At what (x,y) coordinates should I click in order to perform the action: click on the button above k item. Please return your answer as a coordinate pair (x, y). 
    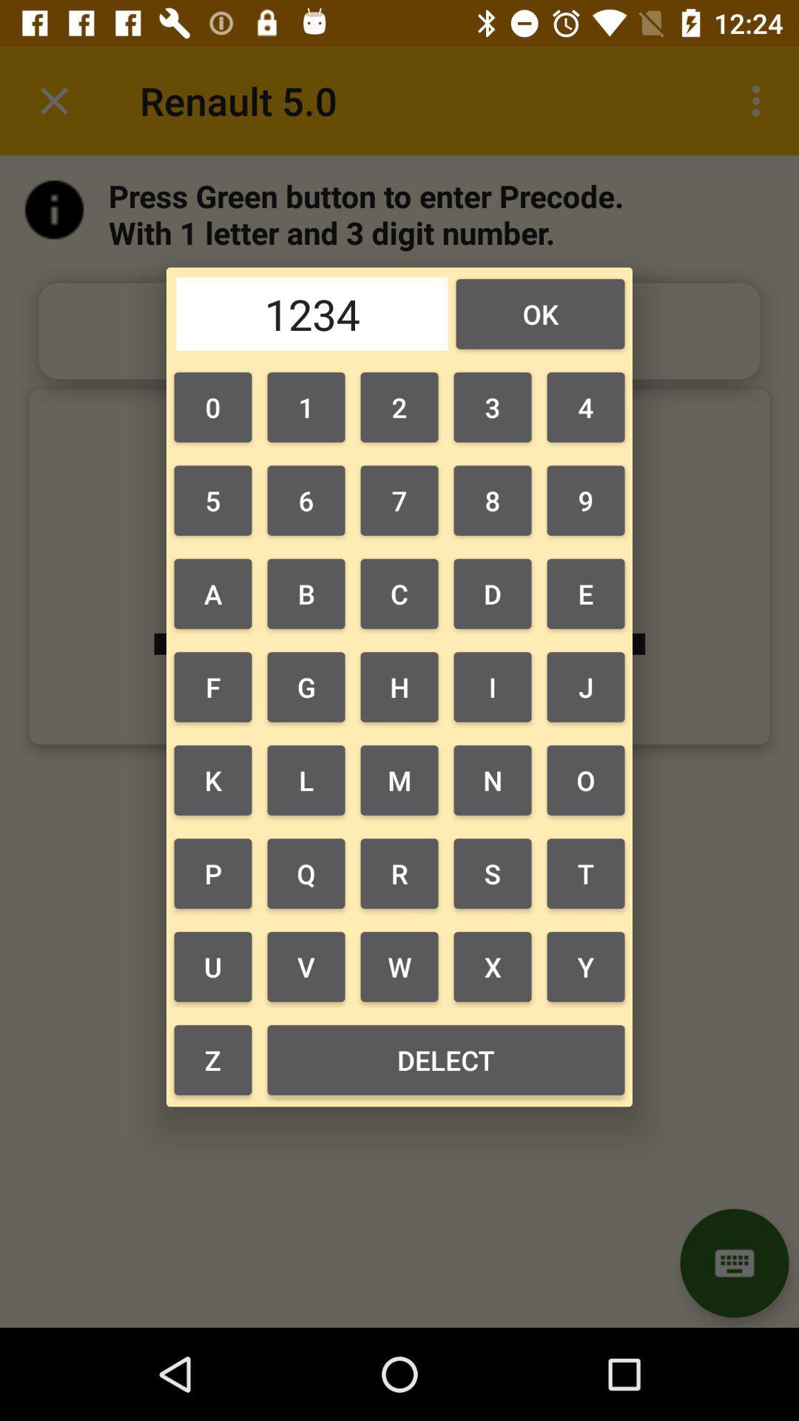
    Looking at the image, I should click on (213, 686).